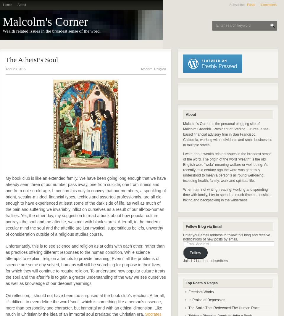 The image size is (284, 316). I want to click on 'Home', so click(7, 4).